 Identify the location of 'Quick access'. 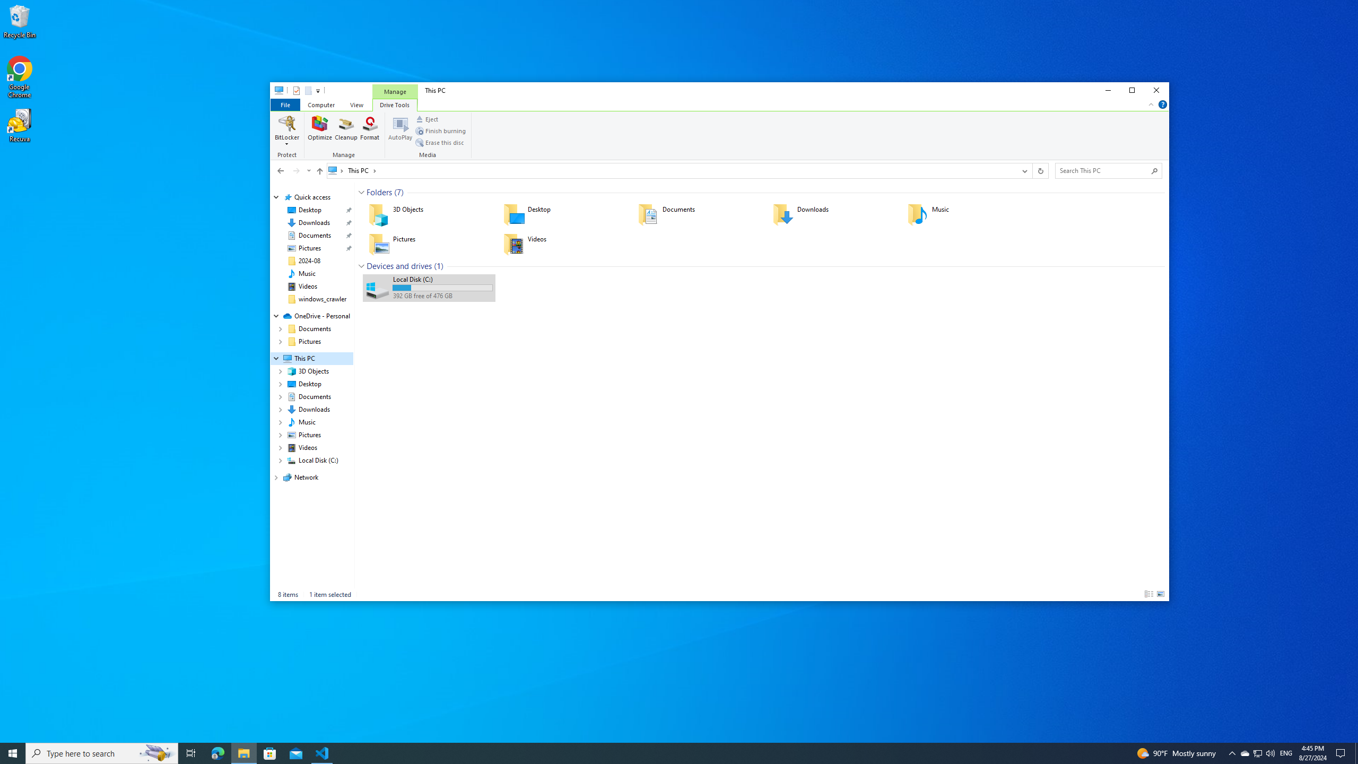
(311, 197).